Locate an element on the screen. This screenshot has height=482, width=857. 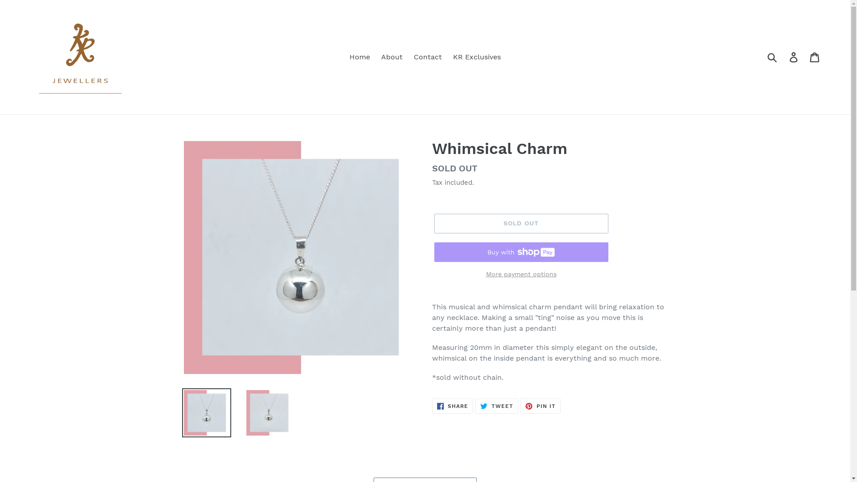
'About' is located at coordinates (377, 57).